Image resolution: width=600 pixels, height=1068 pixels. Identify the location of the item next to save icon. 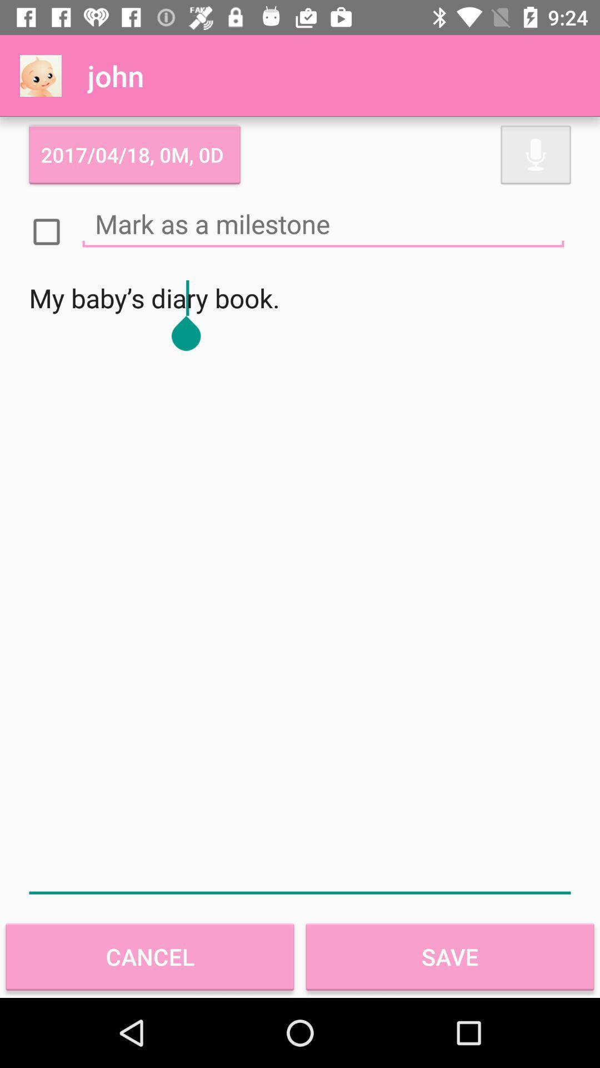
(150, 956).